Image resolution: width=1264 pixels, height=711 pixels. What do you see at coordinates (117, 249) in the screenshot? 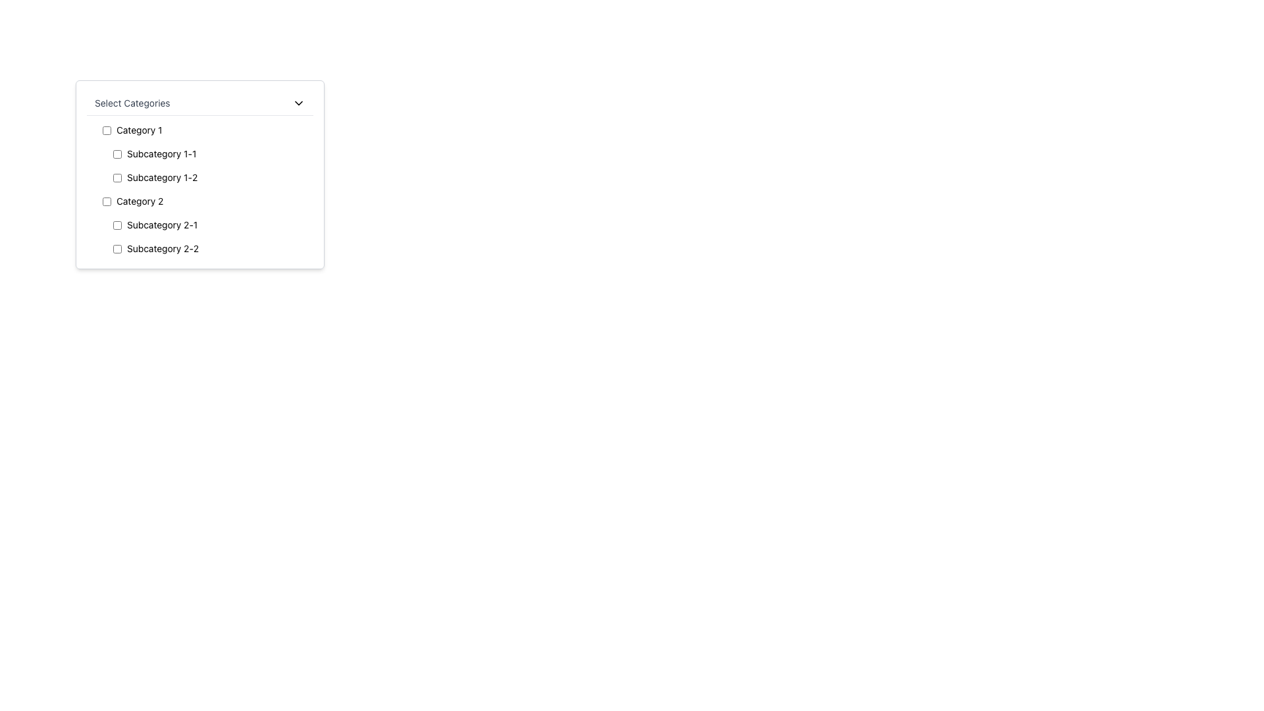
I see `the checkbox associated with 'Subcategory 2-2' under 'Category 2'` at bounding box center [117, 249].